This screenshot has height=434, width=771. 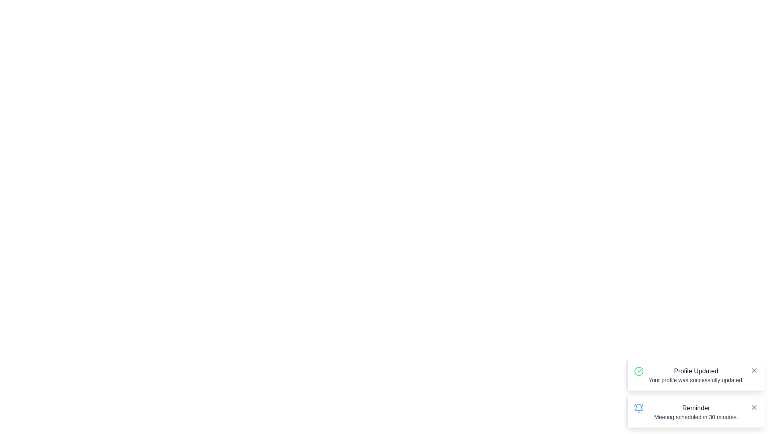 I want to click on message from the Notification Text Block that displays 'Profile Updated' and 'Your profile was successfully updated.', so click(x=696, y=375).